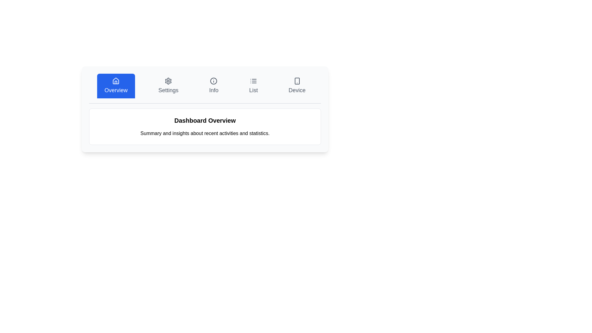 The height and width of the screenshot is (333, 592). What do you see at coordinates (297, 86) in the screenshot?
I see `the navigation tab located in the top-right portion of the interface that directs to the 'Device' section` at bounding box center [297, 86].